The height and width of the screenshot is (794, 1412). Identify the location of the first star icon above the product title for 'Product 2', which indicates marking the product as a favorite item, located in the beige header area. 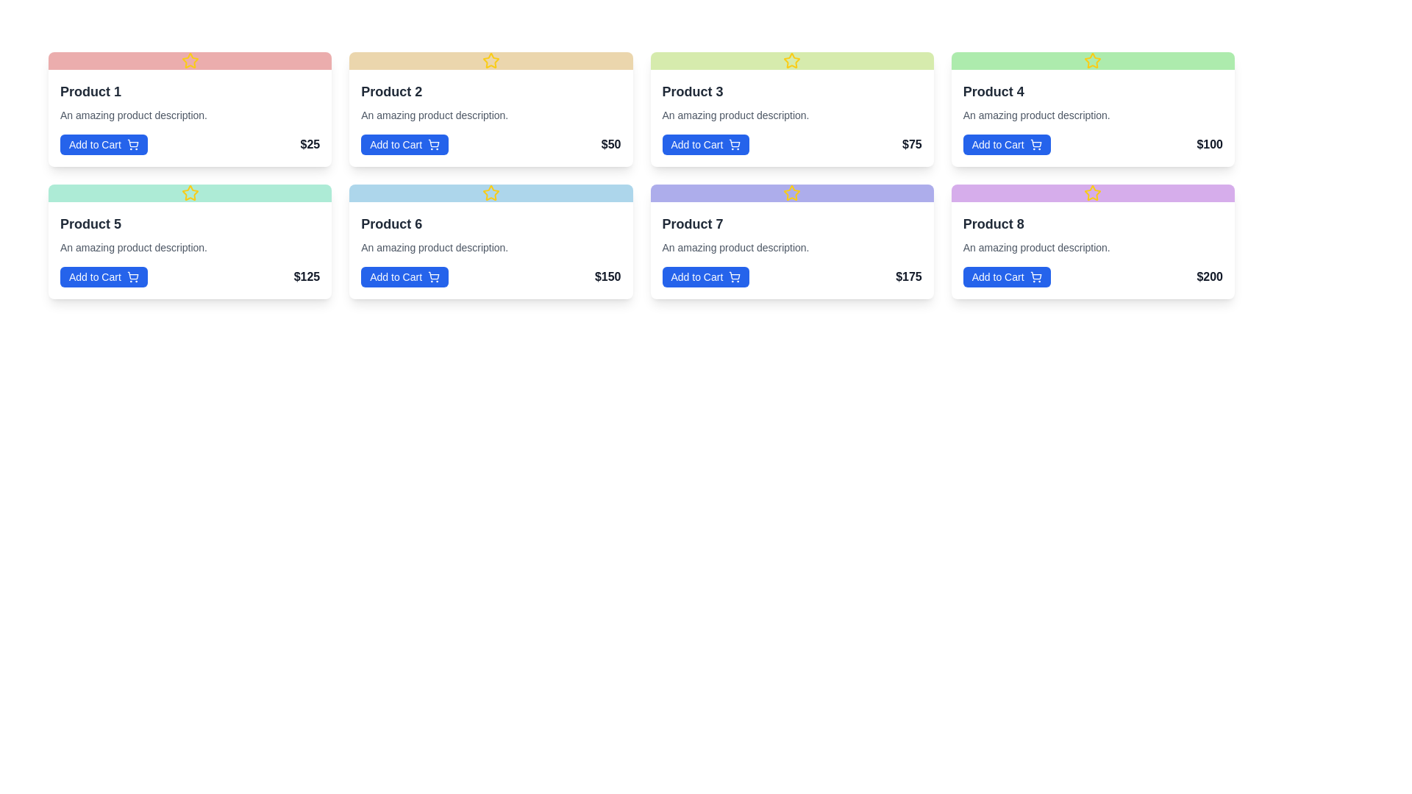
(491, 60).